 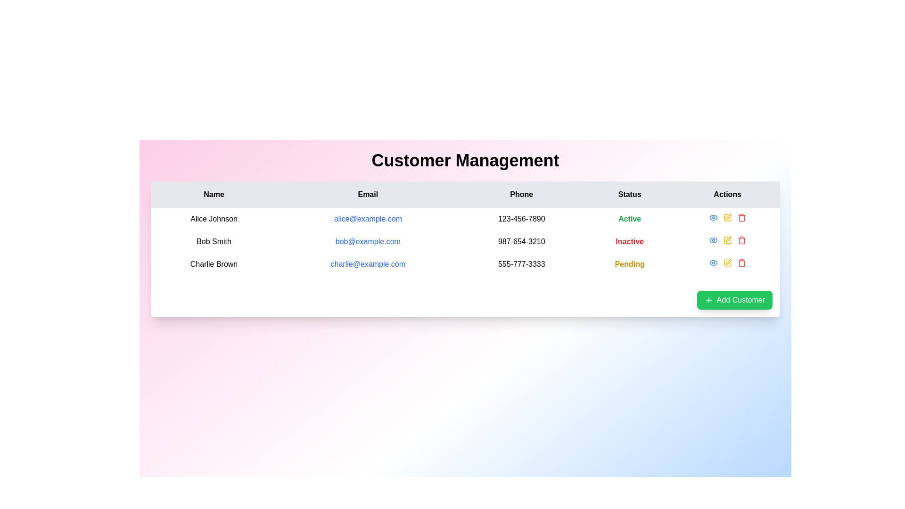 What do you see at coordinates (367, 241) in the screenshot?
I see `the Text Label displaying the email address associated with 'Bob Smith', located in the second row of the 'Email' column in the Customer Management page` at bounding box center [367, 241].